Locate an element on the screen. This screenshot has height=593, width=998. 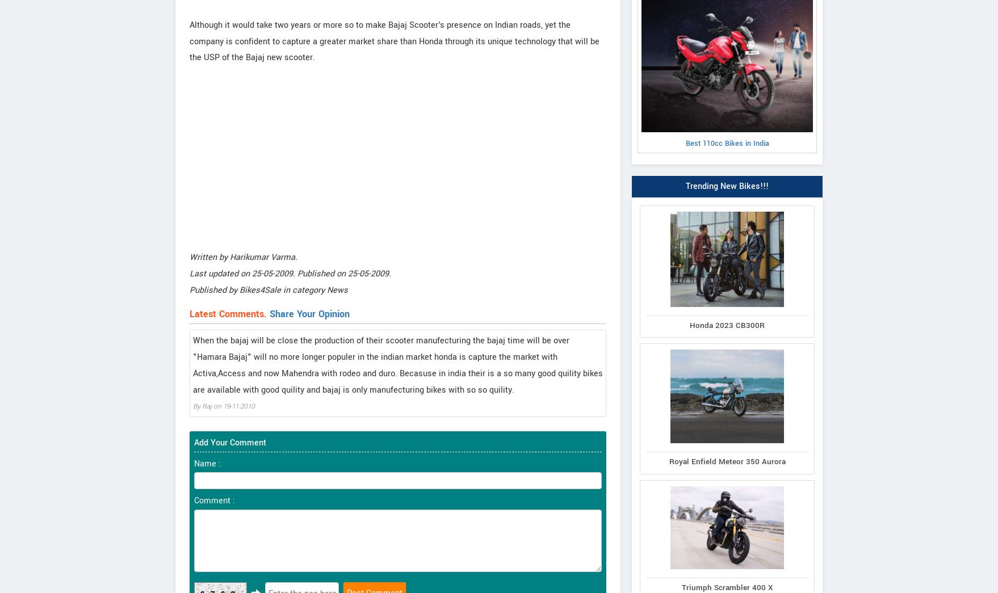
'Add Your Comment' is located at coordinates (230, 442).